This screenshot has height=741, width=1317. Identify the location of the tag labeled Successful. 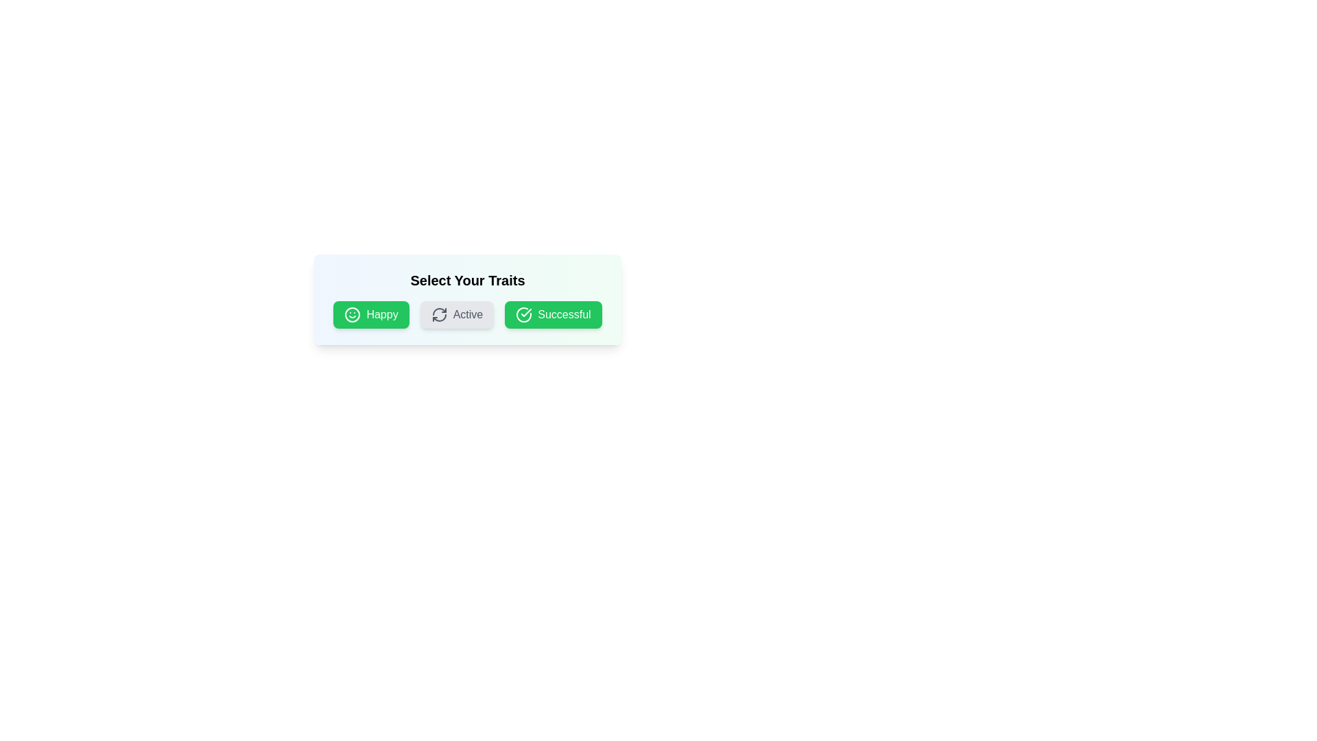
(553, 315).